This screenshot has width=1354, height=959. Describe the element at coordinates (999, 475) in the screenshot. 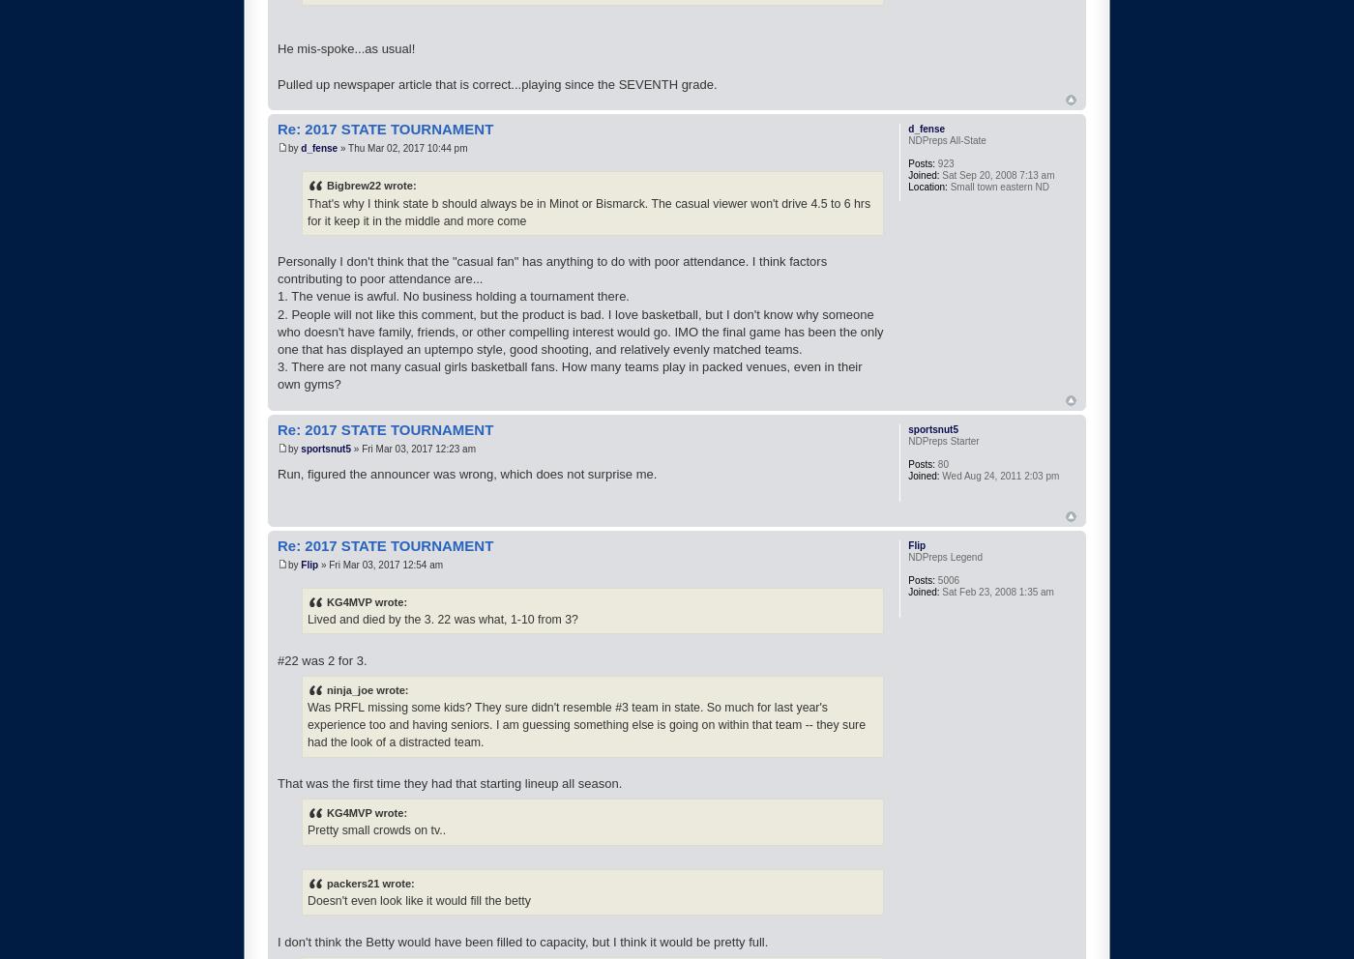

I see `'Wed Aug 24, 2011 2:03 pm'` at that location.